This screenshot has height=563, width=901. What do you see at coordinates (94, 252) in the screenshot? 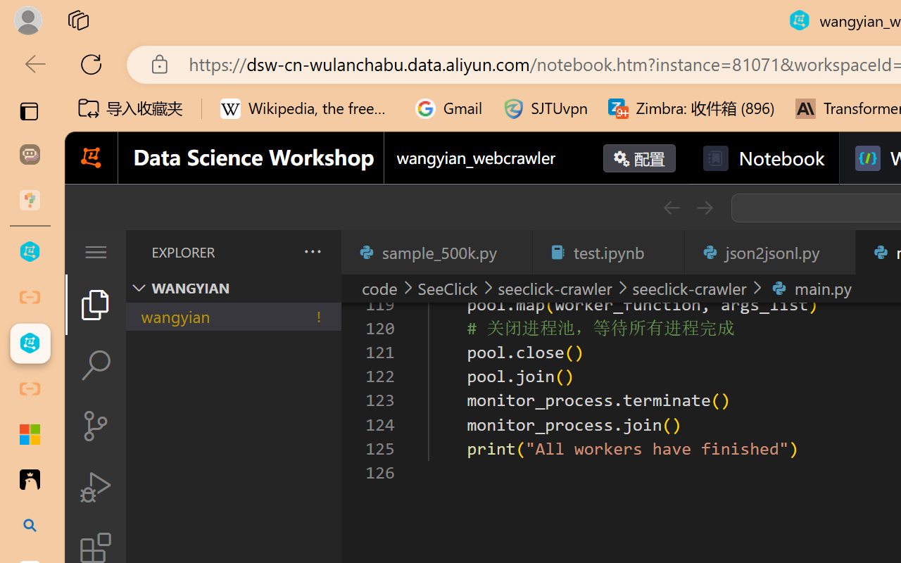
I see `'Class: menubar compact overflow-menu-only'` at bounding box center [94, 252].